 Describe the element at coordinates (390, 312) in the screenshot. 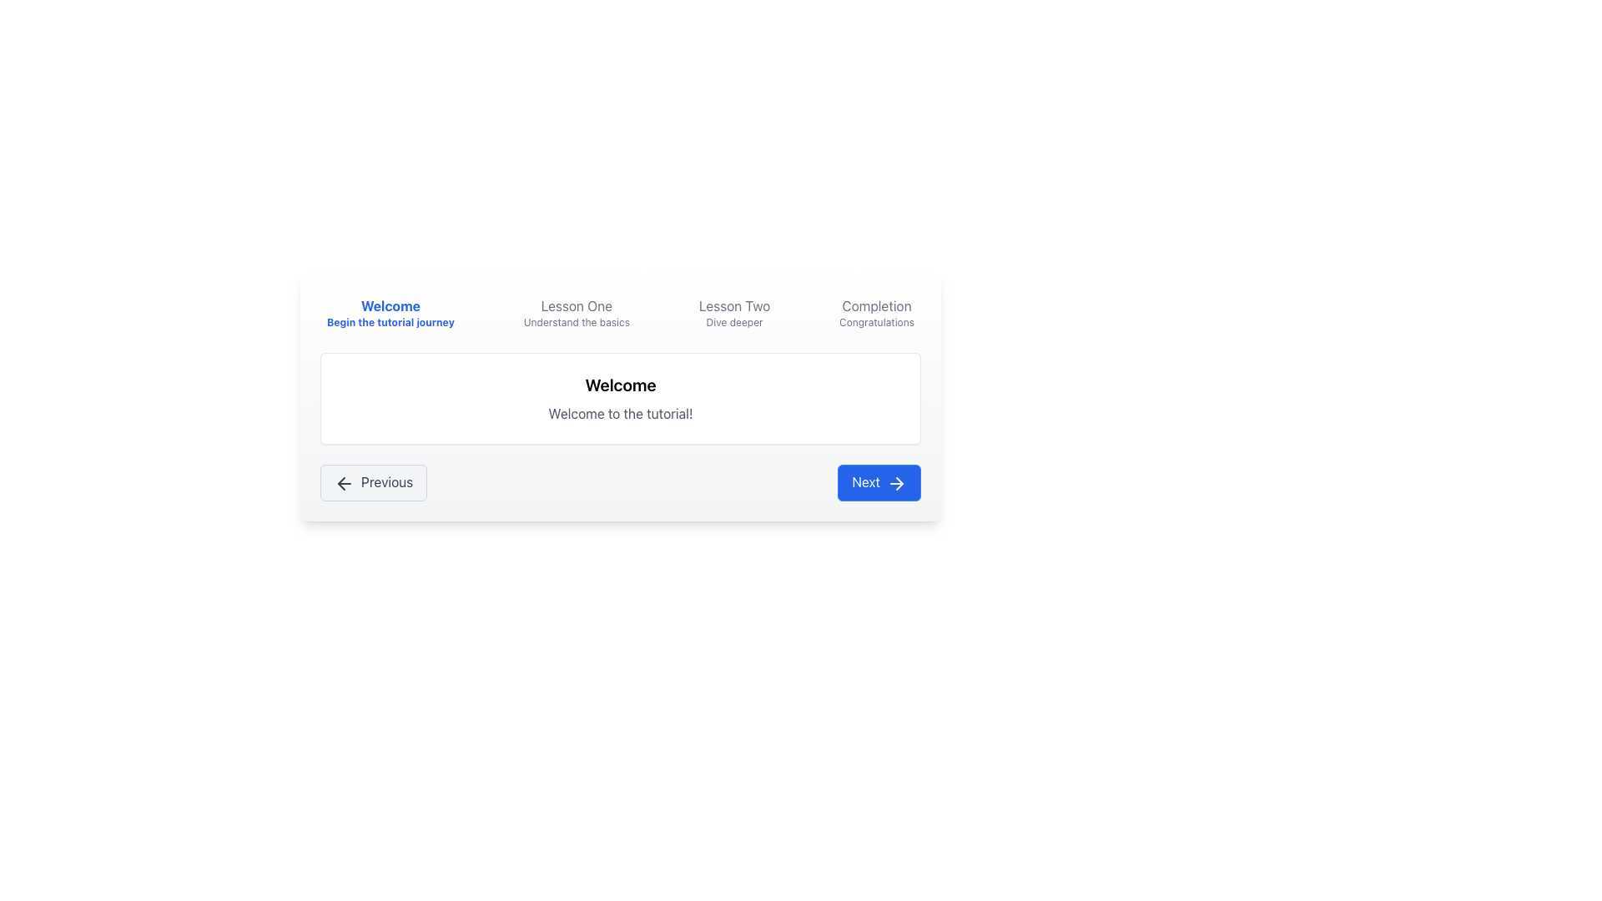

I see `the text label that displays 'Welcome' in bold blue styling and the smaller text 'Begin the tutorial journey', located on the far-left side of the navigation layout` at that location.